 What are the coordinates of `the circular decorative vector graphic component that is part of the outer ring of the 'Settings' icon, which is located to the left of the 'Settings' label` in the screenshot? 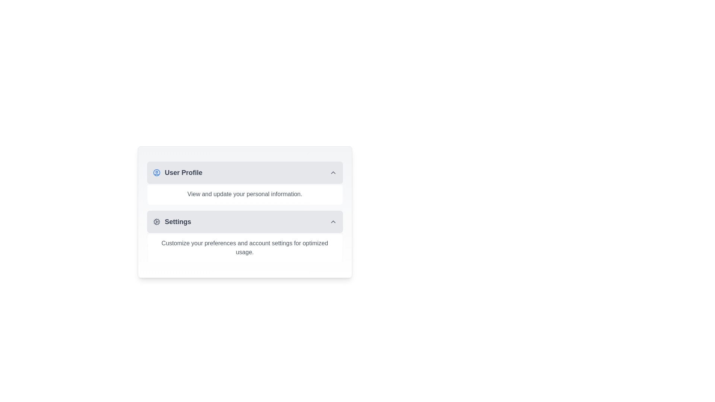 It's located at (156, 221).